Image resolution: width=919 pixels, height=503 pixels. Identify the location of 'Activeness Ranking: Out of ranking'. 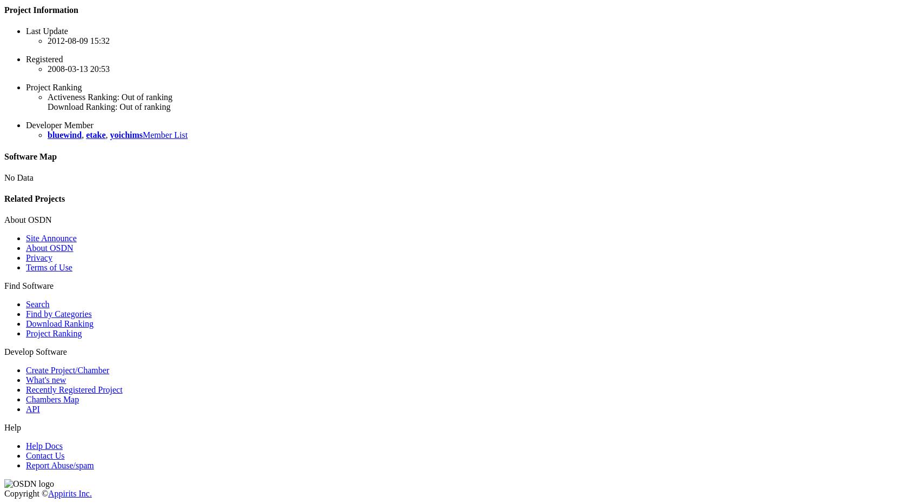
(109, 96).